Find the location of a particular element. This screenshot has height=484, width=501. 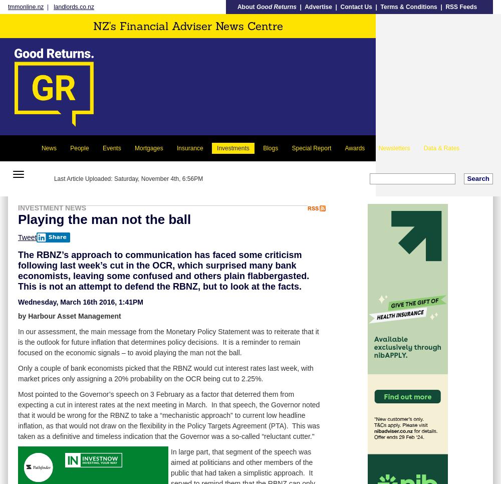

'Special Report' is located at coordinates (311, 147).